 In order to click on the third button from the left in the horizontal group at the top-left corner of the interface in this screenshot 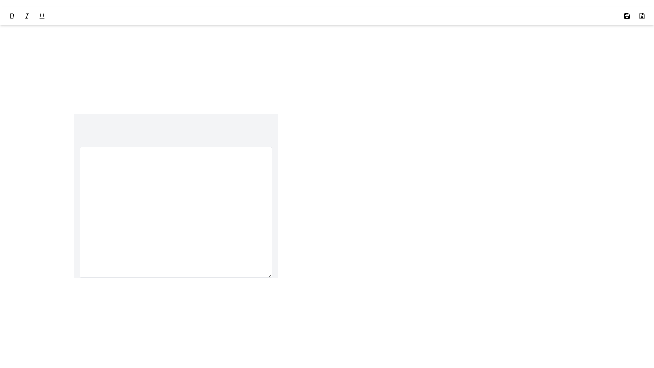, I will do `click(42, 15)`.